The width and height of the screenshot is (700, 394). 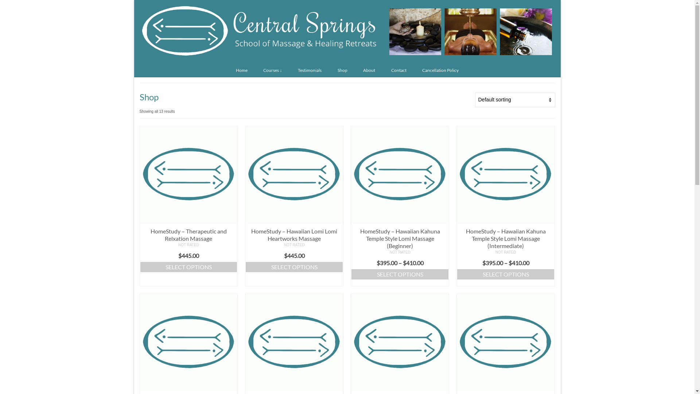 What do you see at coordinates (398, 70) in the screenshot?
I see `'Contact'` at bounding box center [398, 70].